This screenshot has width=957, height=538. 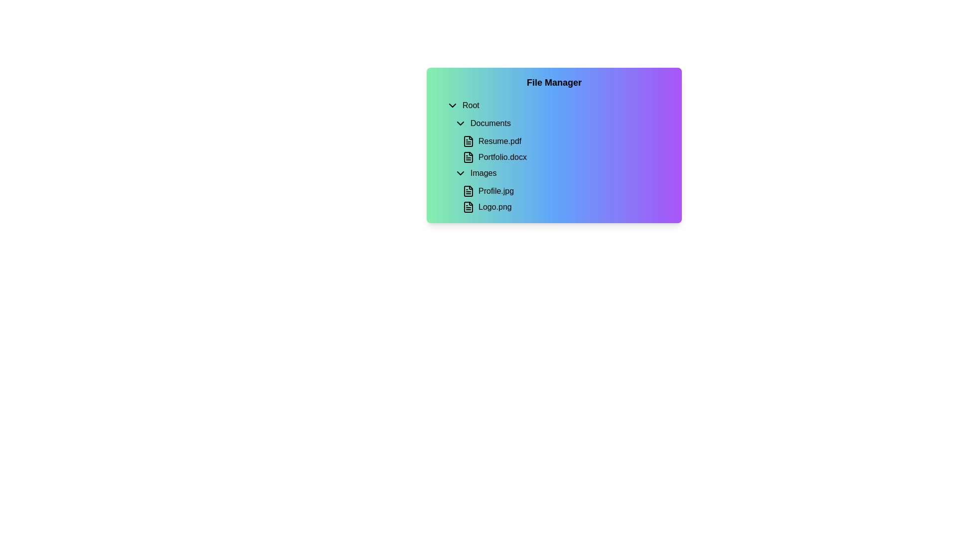 What do you see at coordinates (566, 157) in the screenshot?
I see `the selectable file item in the file manager interface` at bounding box center [566, 157].